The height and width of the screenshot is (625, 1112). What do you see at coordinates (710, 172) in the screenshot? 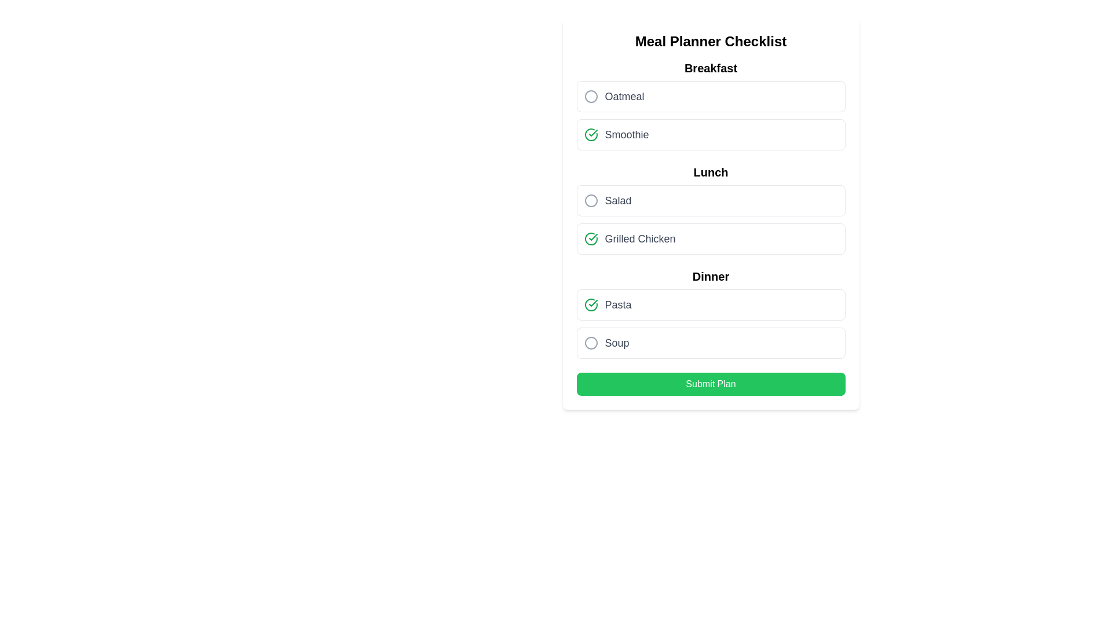
I see `the Text Label displaying 'Lunch', which is styled in bold and larger font, positioned centrally below the Breakfast section` at bounding box center [710, 172].